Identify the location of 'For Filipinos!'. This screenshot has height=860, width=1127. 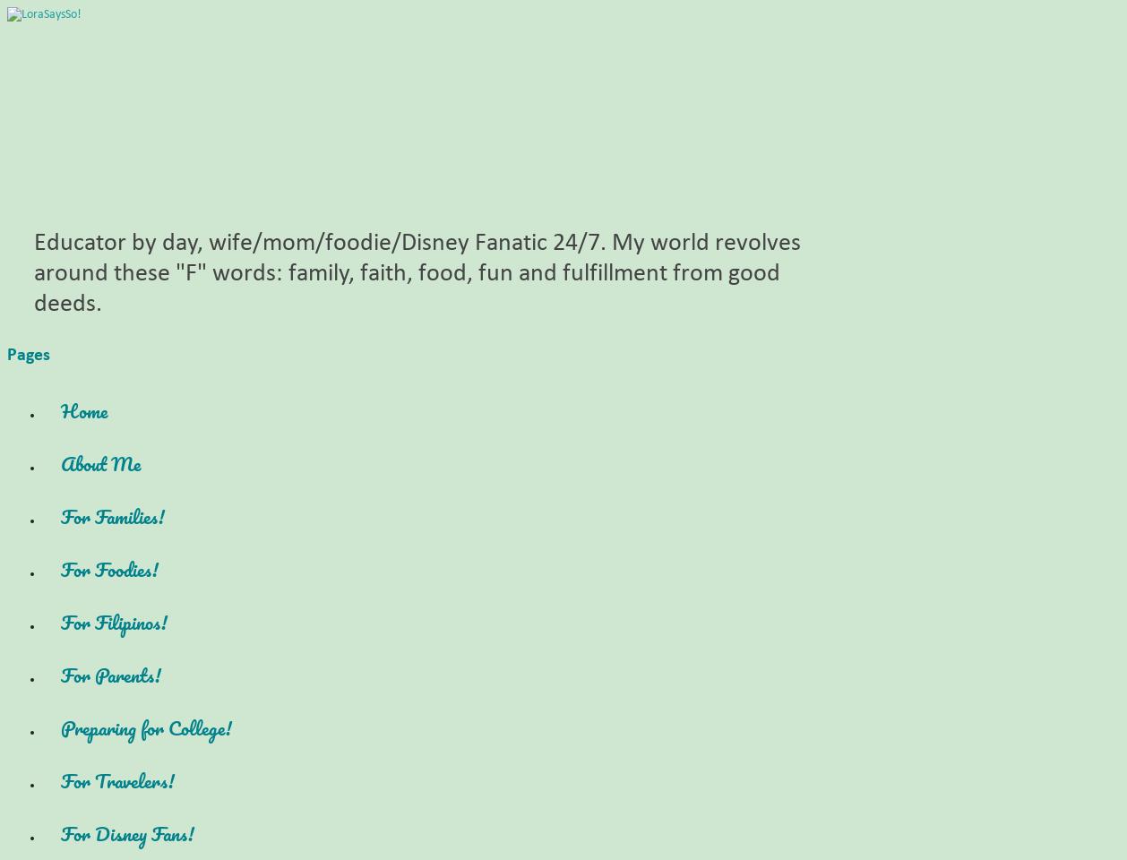
(114, 622).